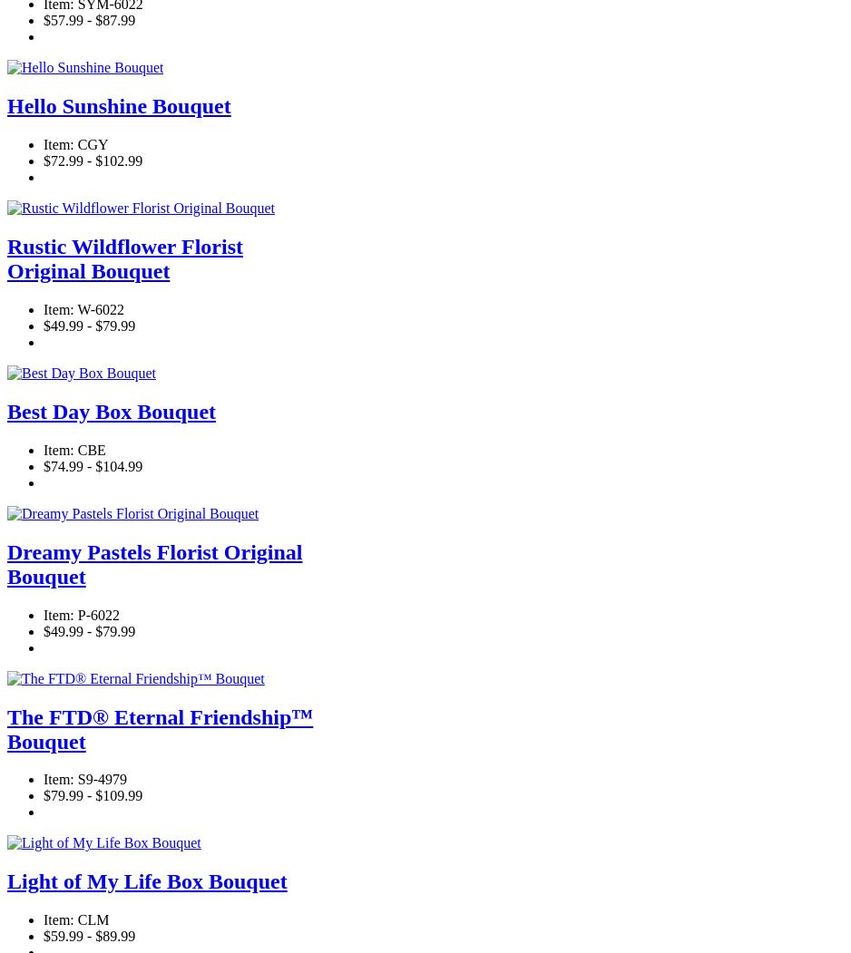 This screenshot has width=851, height=953. I want to click on '$59.99	- $89.99', so click(89, 935).